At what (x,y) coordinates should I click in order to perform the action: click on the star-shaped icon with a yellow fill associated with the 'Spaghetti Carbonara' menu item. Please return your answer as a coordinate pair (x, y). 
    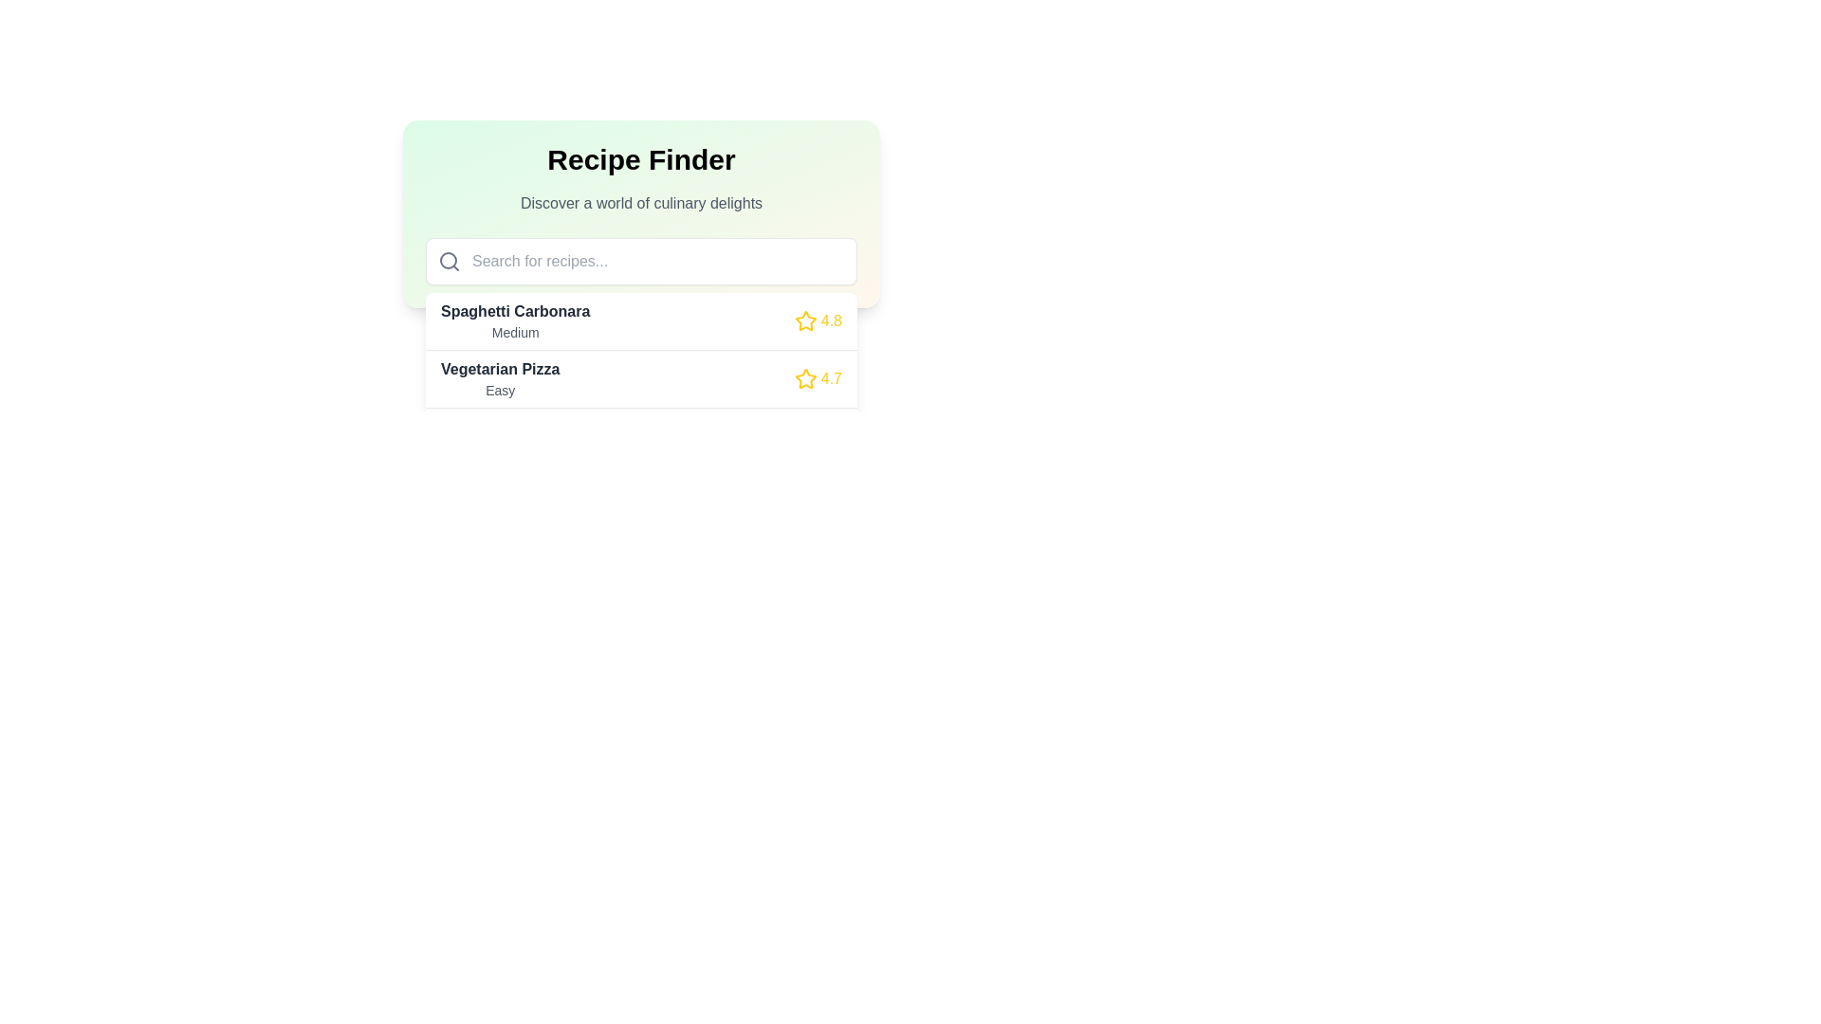
    Looking at the image, I should click on (805, 320).